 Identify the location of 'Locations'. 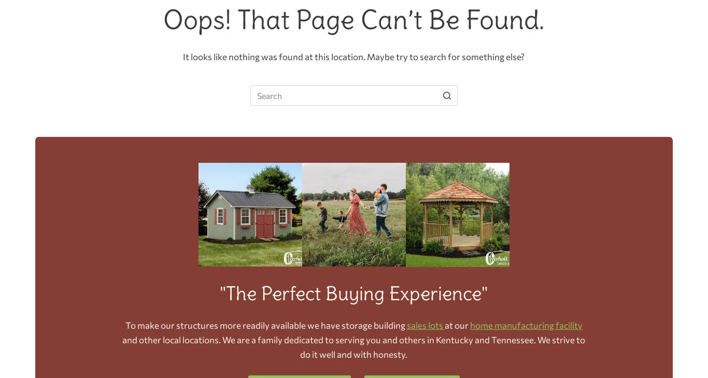
(545, 61).